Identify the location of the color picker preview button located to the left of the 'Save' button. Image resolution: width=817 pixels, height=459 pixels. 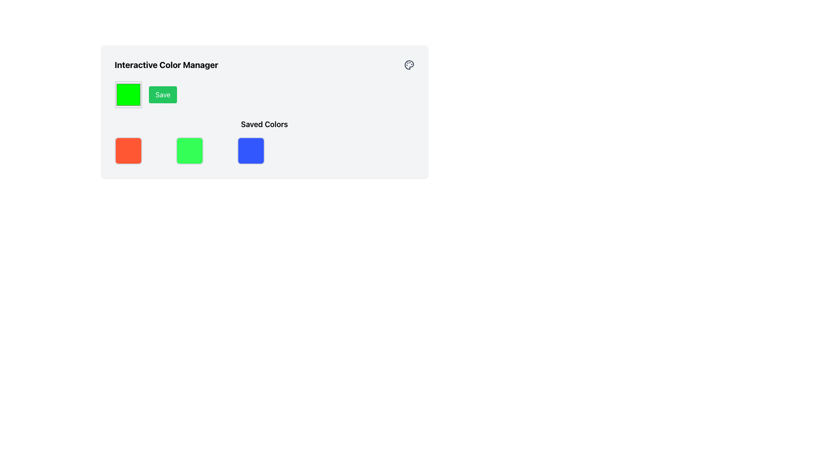
(128, 95).